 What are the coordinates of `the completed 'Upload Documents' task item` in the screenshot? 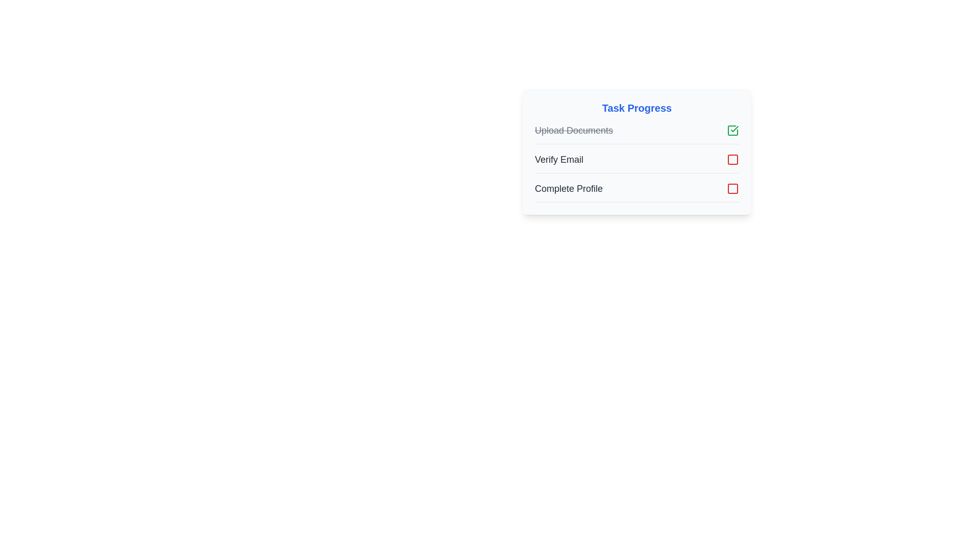 It's located at (636, 133).